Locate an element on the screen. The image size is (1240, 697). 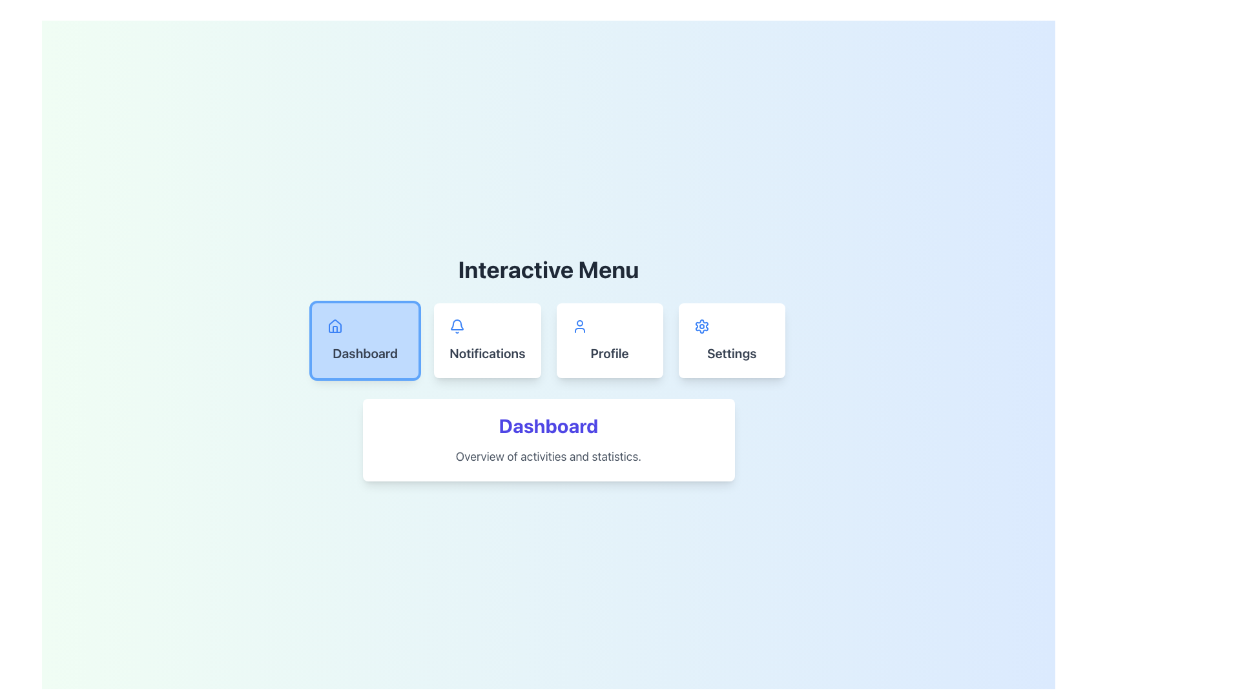
the user icon located in the third tile from the left, centered above the 'Profile' text is located at coordinates (579, 325).